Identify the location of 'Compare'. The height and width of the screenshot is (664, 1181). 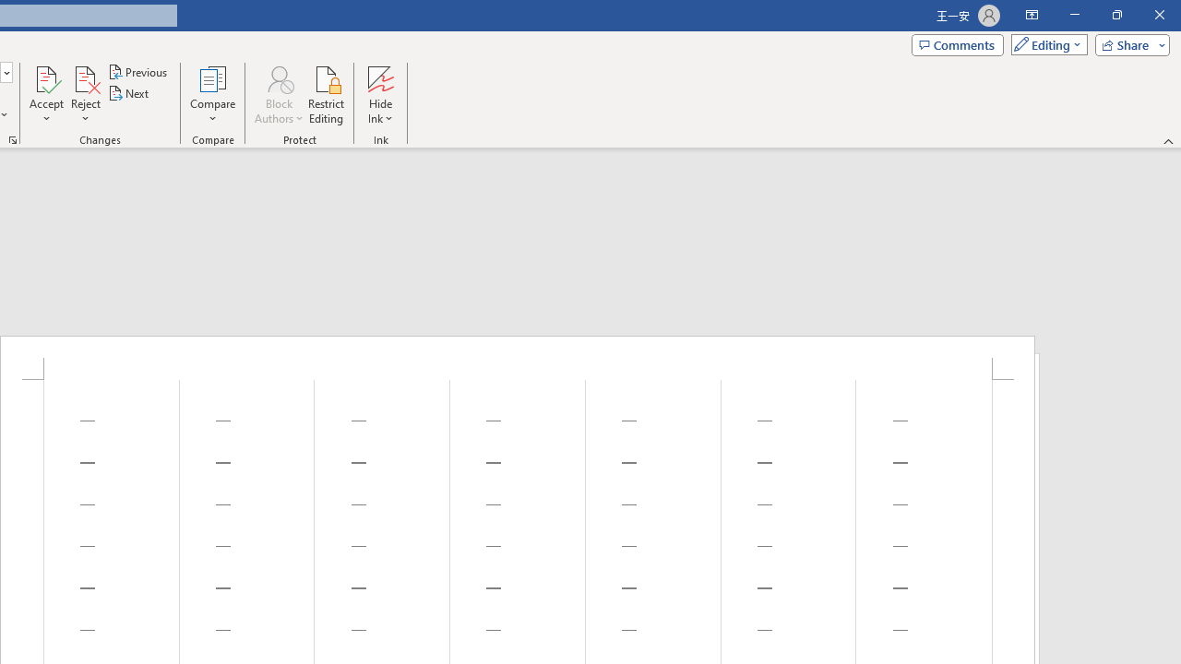
(213, 95).